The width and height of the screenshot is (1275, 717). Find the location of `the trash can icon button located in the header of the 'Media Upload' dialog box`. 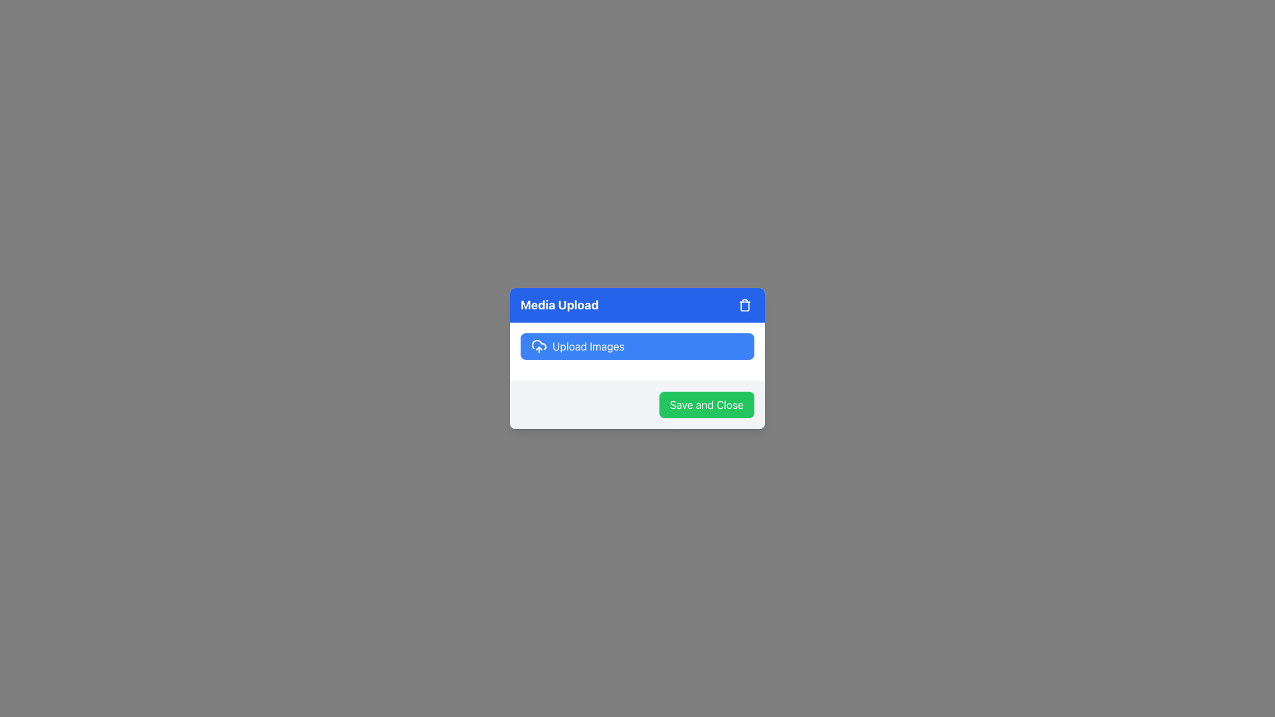

the trash can icon button located in the header of the 'Media Upload' dialog box is located at coordinates (745, 305).